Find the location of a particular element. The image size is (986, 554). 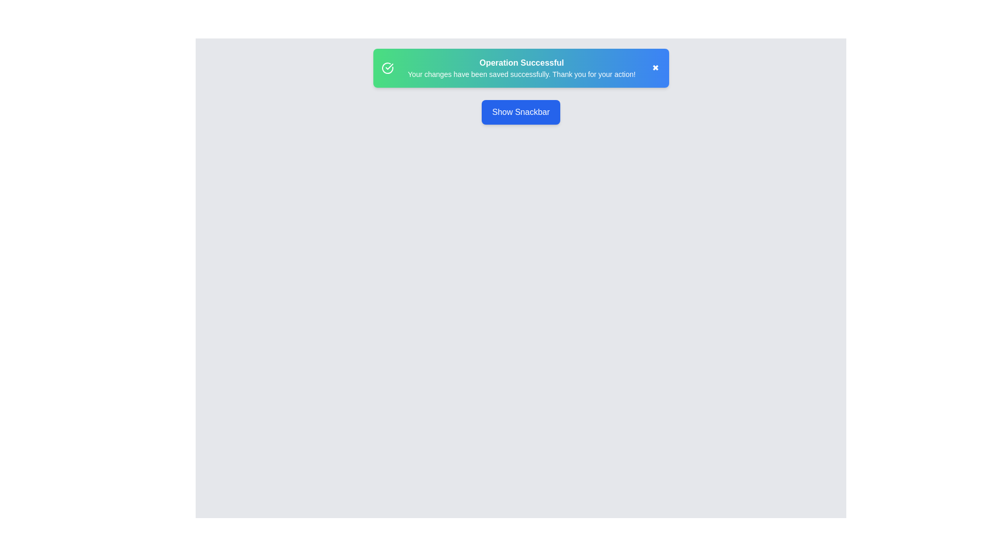

the 'Show Snackbar' button is located at coordinates (521, 112).